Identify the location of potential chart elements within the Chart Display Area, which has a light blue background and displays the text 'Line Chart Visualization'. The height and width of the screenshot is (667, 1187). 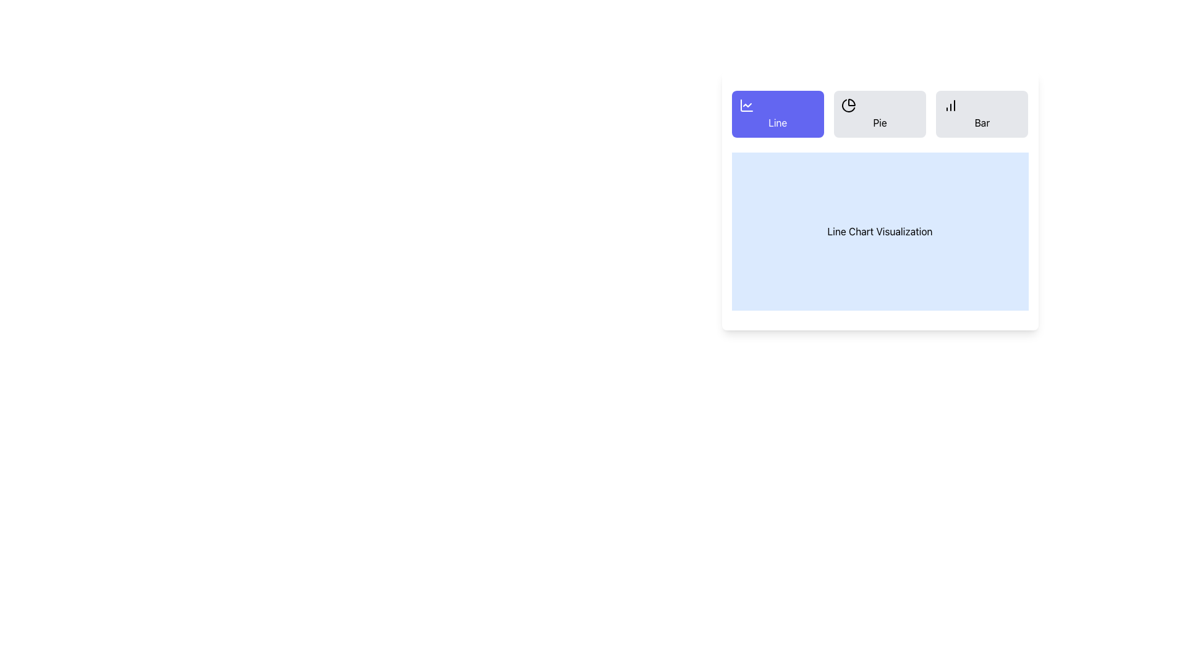
(879, 231).